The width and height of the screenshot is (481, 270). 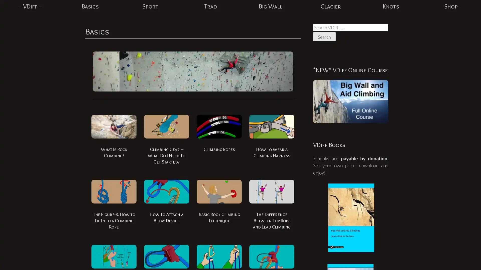 I want to click on Search, so click(x=324, y=36).